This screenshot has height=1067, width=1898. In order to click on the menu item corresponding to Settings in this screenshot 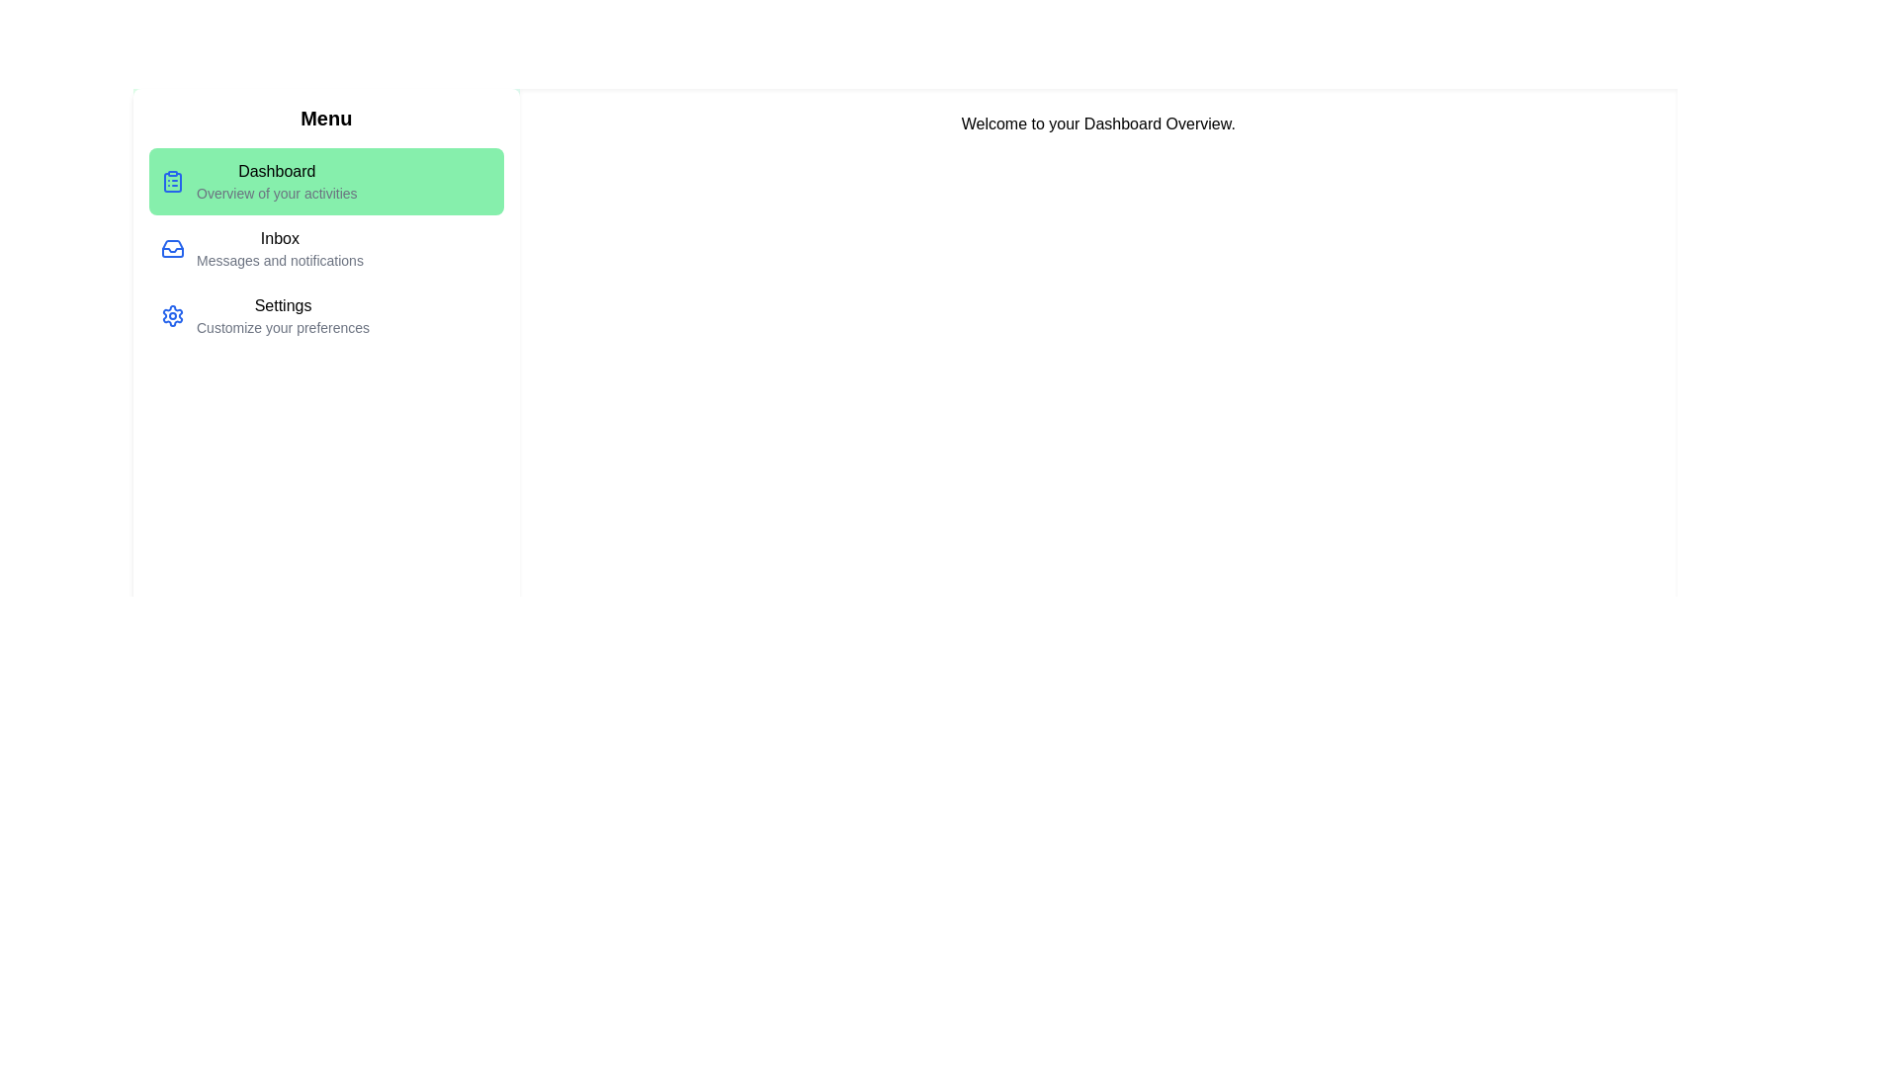, I will do `click(326, 315)`.